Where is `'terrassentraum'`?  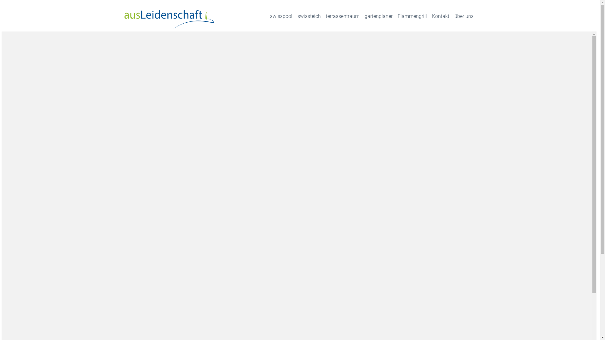
'terrassentraum' is located at coordinates (342, 16).